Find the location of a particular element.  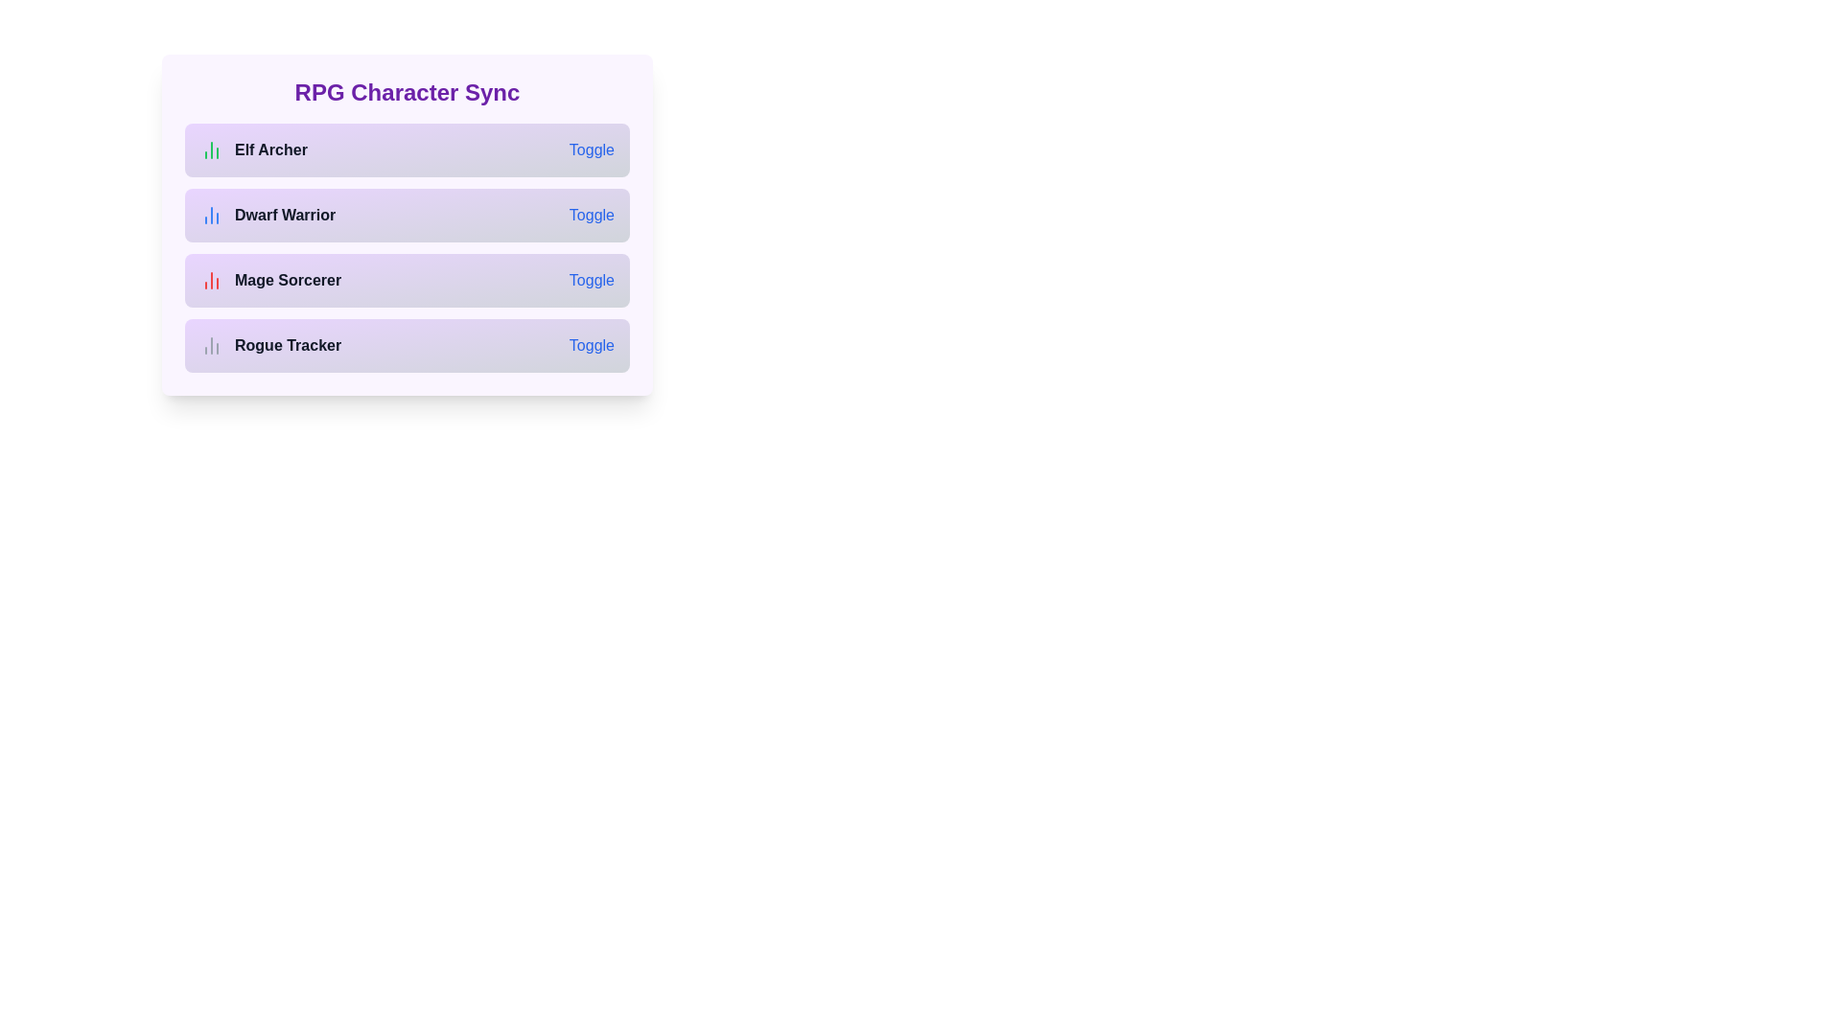

the 'Toggle' button located on the right side of the 'Elf Archer' item in the 'RPG Character Sync' section is located at coordinates (591, 149).